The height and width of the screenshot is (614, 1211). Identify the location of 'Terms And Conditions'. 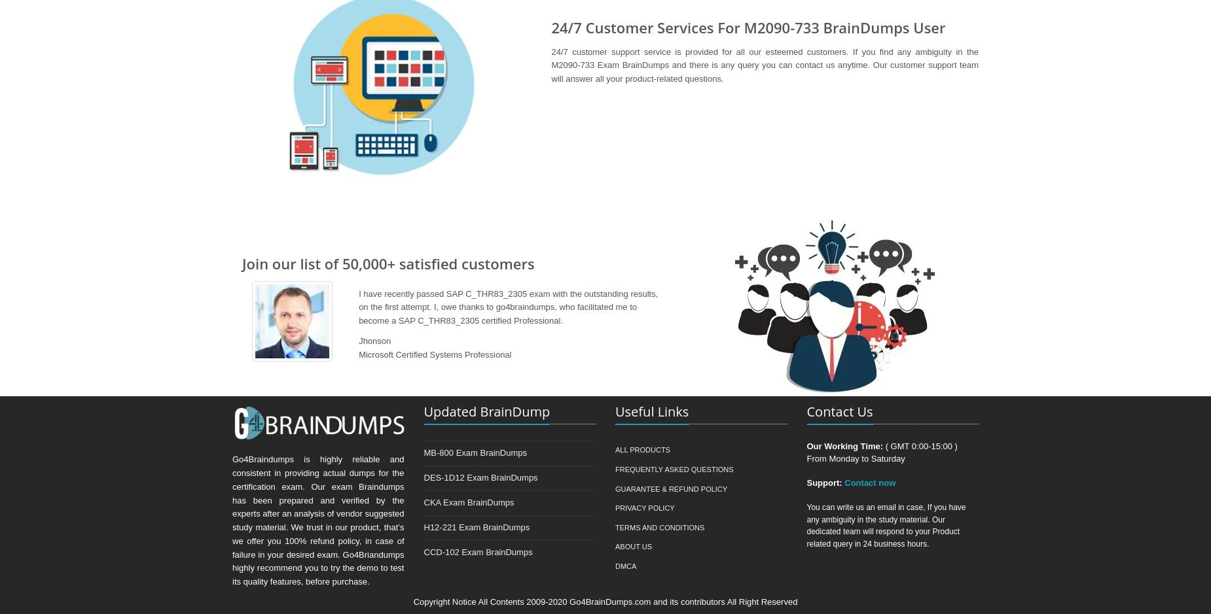
(659, 527).